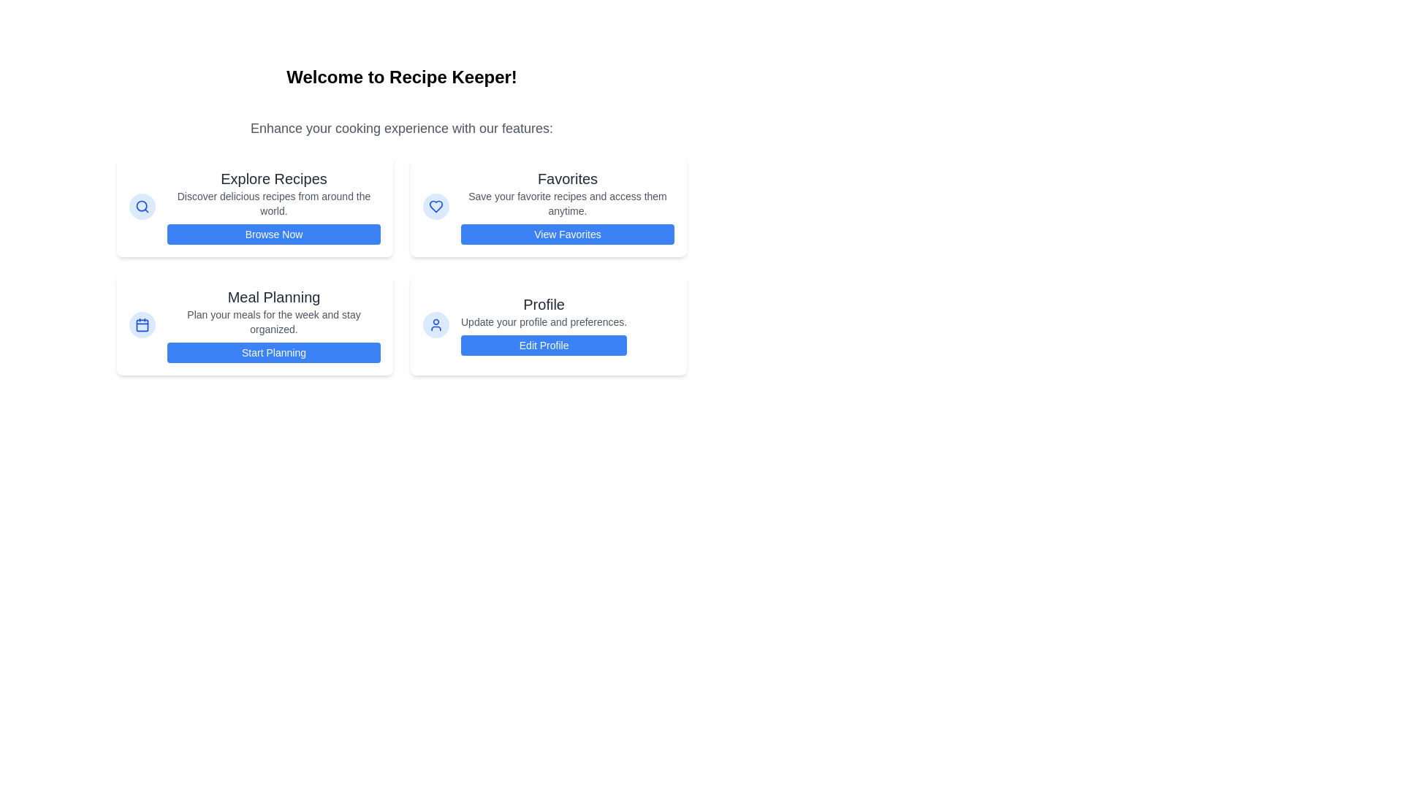  Describe the element at coordinates (435, 324) in the screenshot. I see `the user profile icon, which features a blue outline and is located in the Profile section at the bottom-right of the interface, adjacent to the Edit Profile button` at that location.